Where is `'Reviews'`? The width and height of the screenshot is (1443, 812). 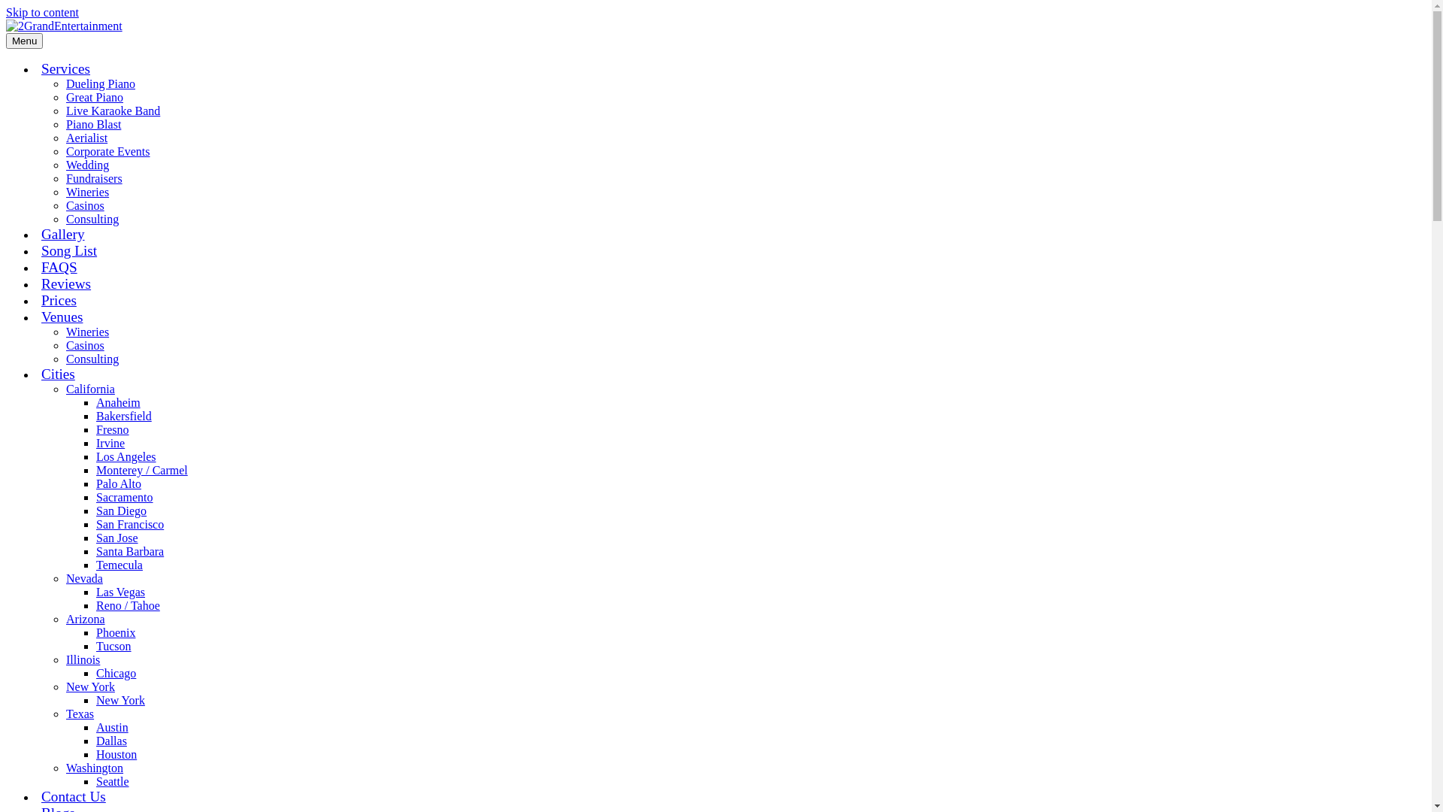
'Reviews' is located at coordinates (65, 283).